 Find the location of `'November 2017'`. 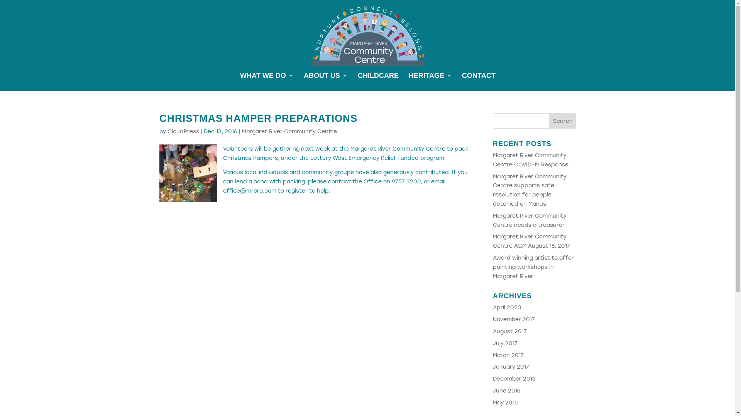

'November 2017' is located at coordinates (514, 319).